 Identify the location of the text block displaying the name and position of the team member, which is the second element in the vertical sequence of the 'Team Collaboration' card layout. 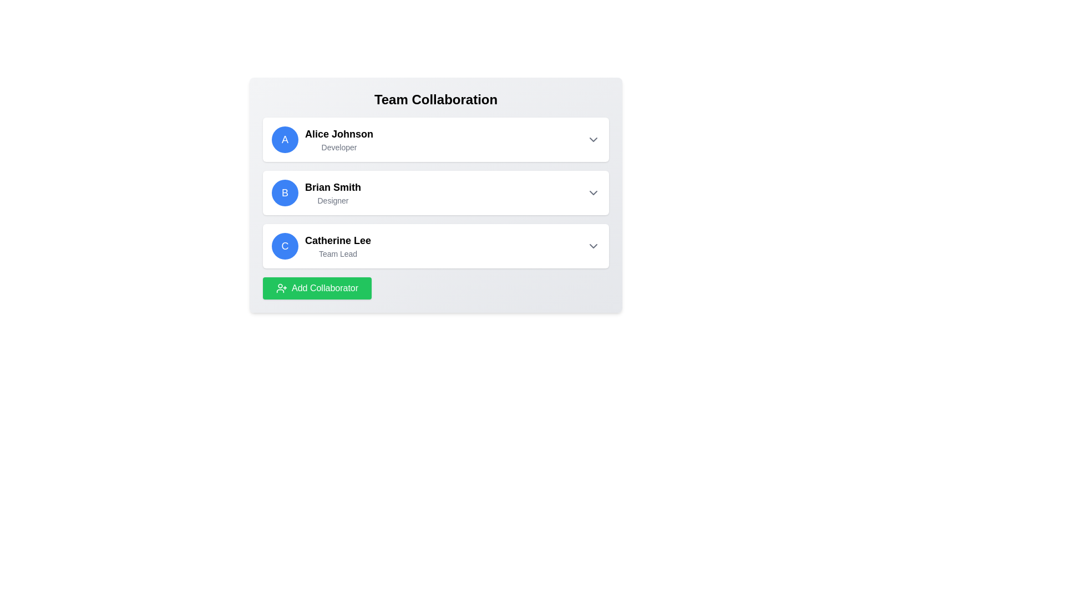
(332, 192).